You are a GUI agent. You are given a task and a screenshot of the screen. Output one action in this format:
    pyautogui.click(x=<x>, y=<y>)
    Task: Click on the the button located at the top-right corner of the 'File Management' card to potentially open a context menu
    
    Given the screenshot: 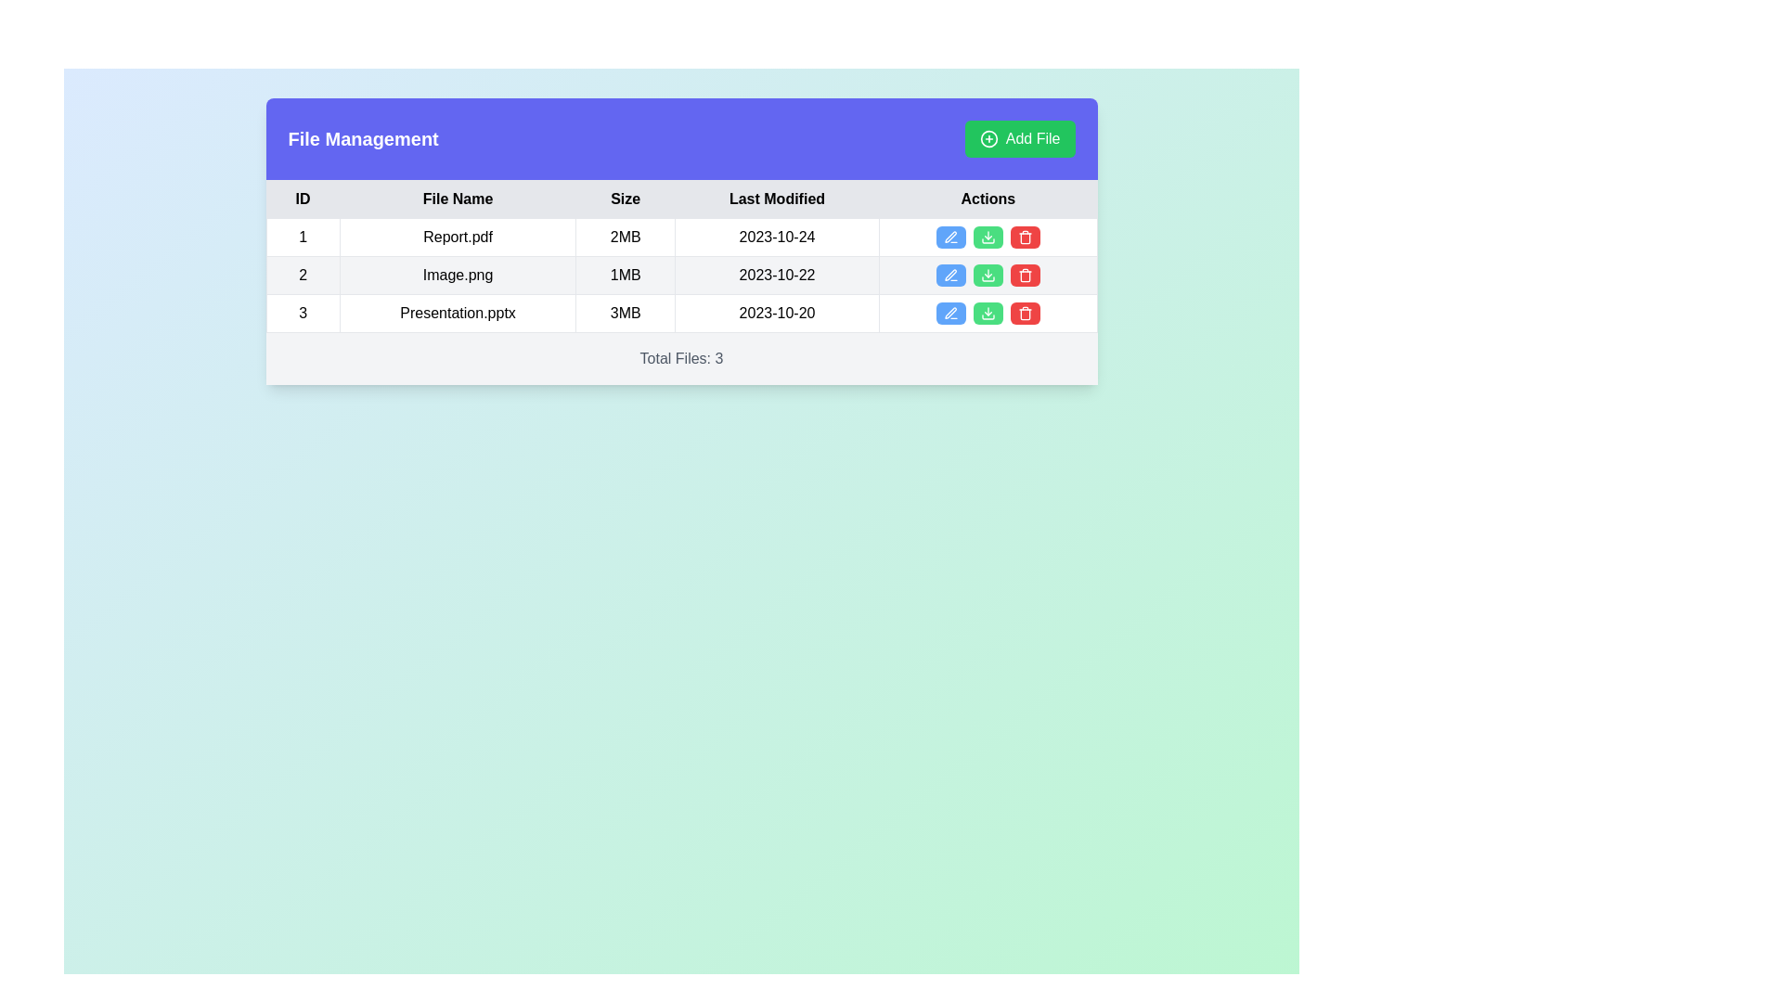 What is the action you would take?
    pyautogui.click(x=1019, y=138)
    